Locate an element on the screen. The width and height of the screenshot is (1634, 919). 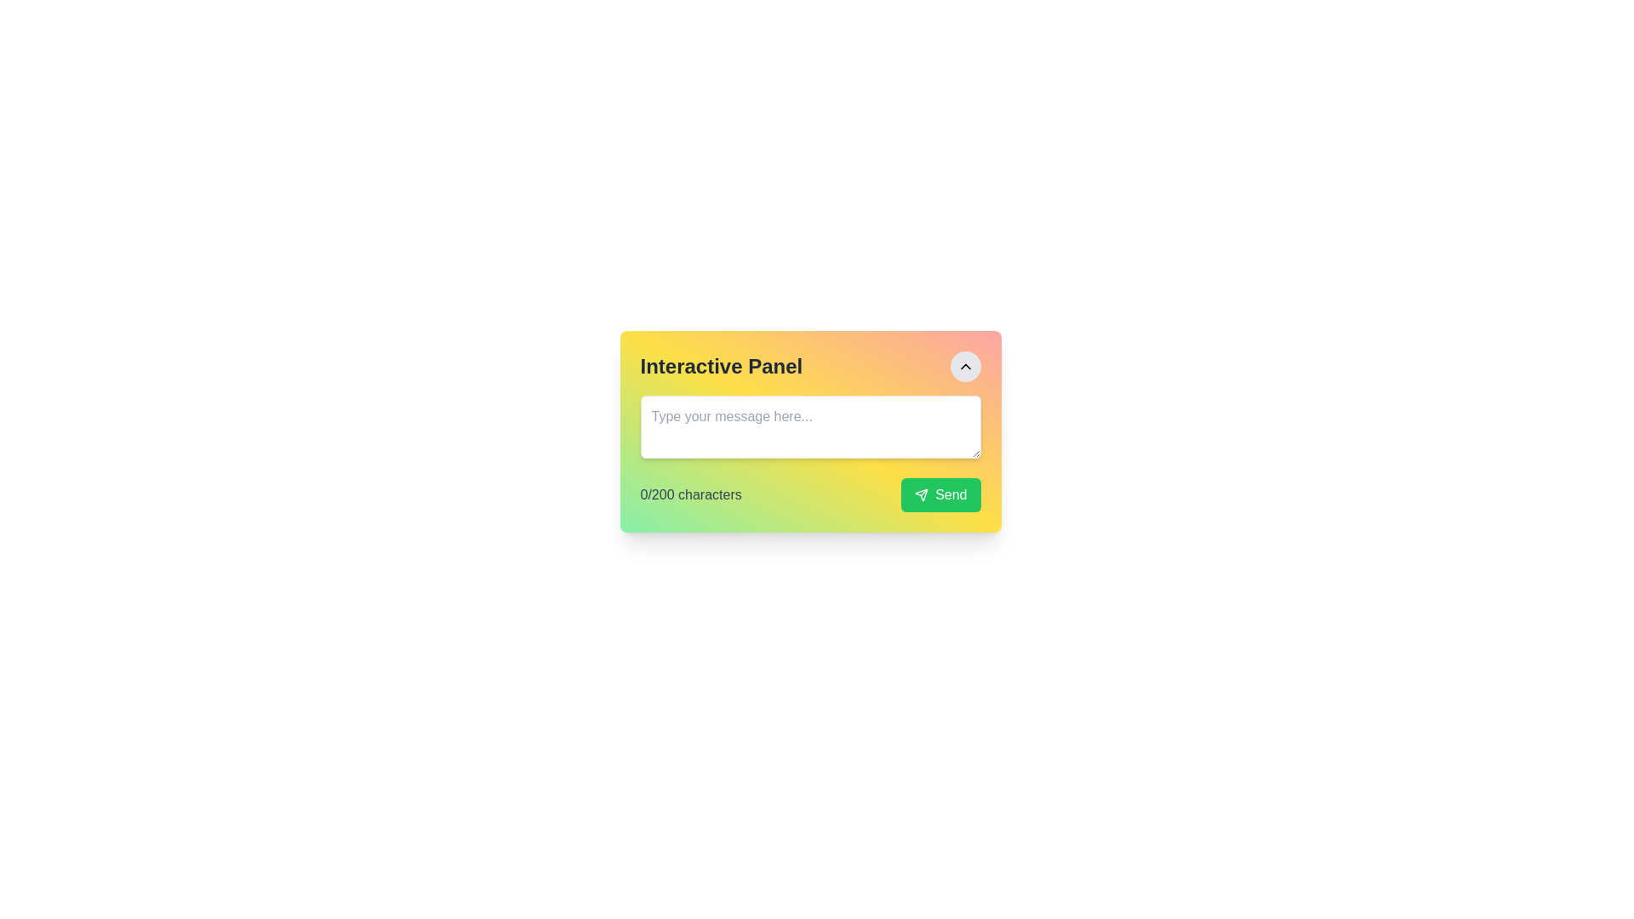
the green paper plane icon located on the left side of the 'Send' button text is located at coordinates (921, 495).